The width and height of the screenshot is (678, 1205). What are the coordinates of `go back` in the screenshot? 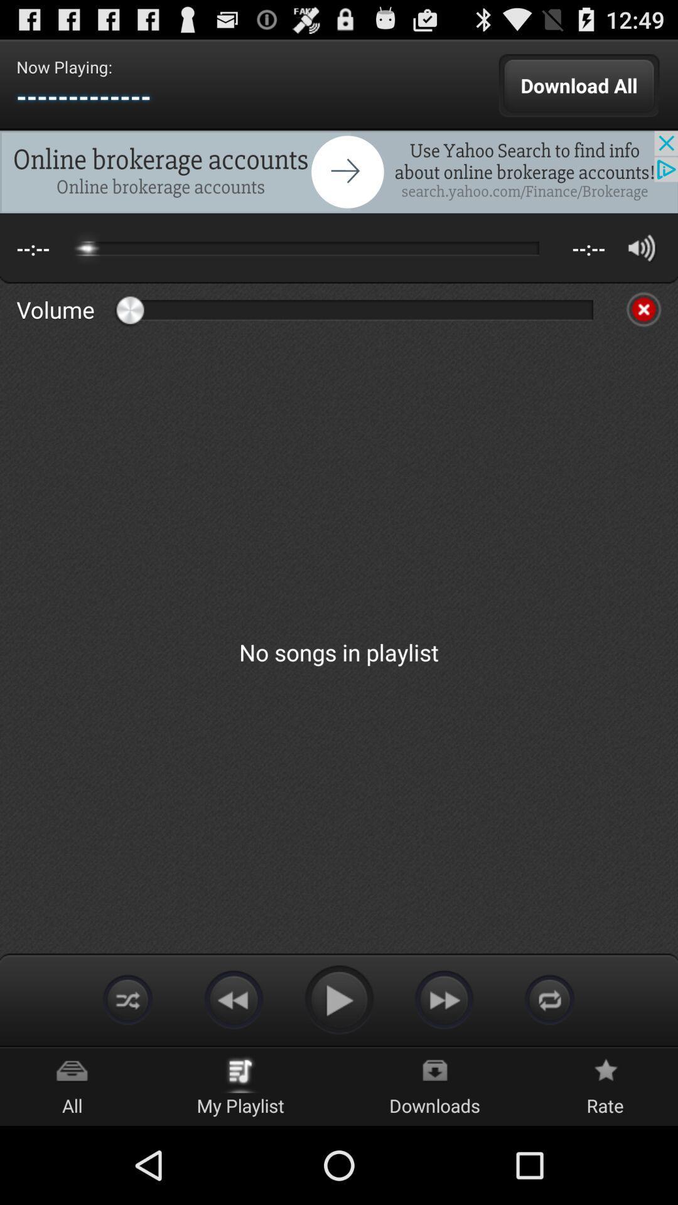 It's located at (233, 999).